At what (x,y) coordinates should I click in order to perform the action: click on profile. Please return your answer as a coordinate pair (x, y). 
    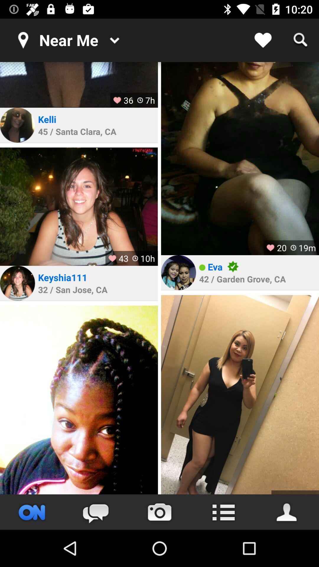
    Looking at the image, I should click on (178, 272).